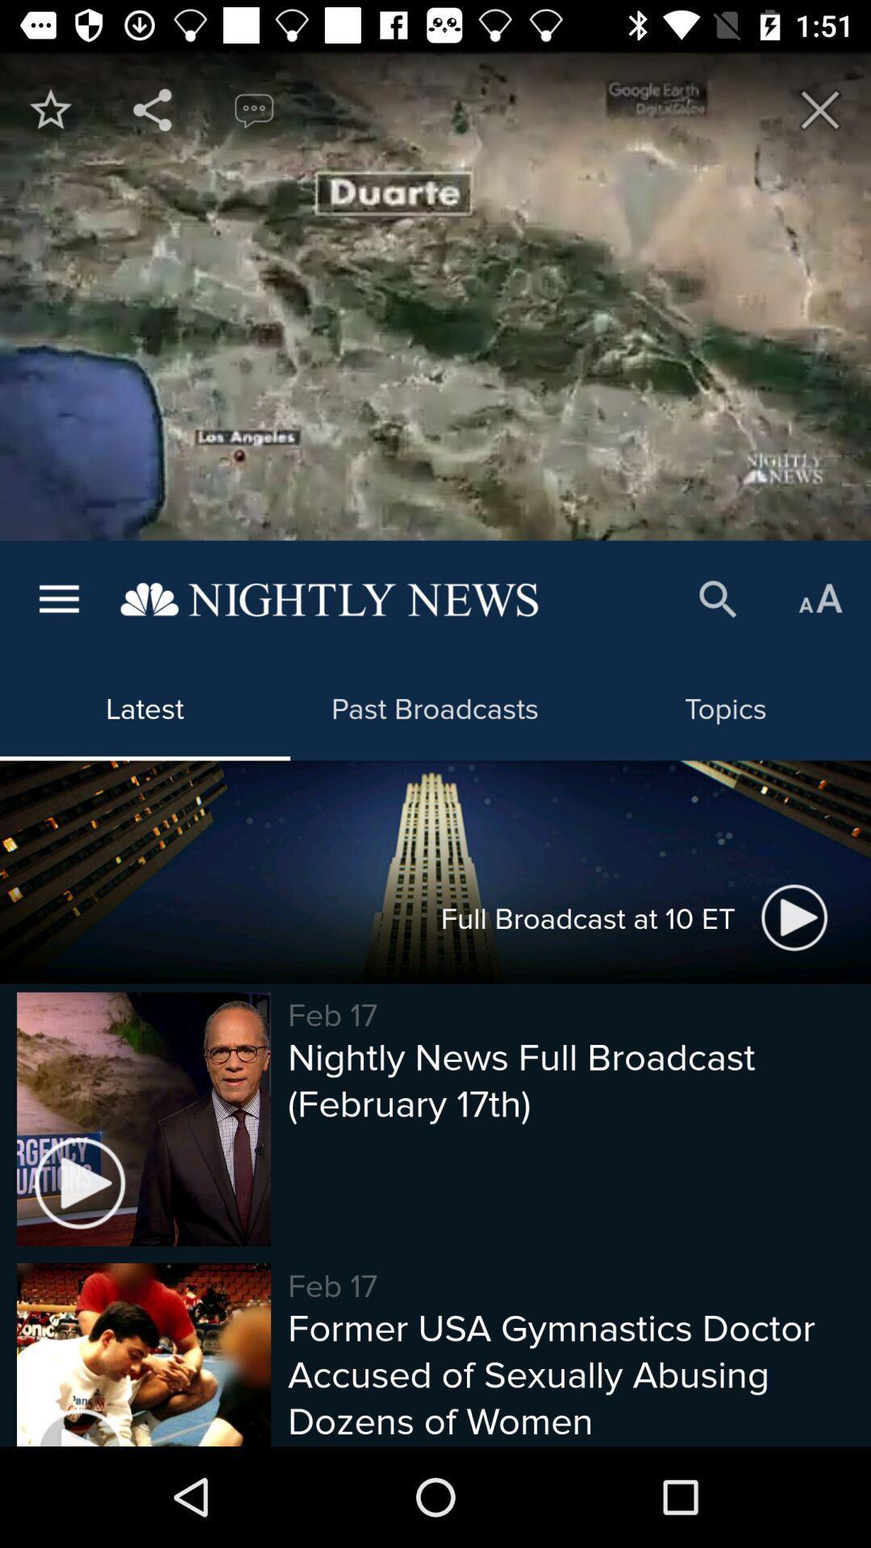 The height and width of the screenshot is (1548, 871). I want to click on the share icon, so click(152, 109).